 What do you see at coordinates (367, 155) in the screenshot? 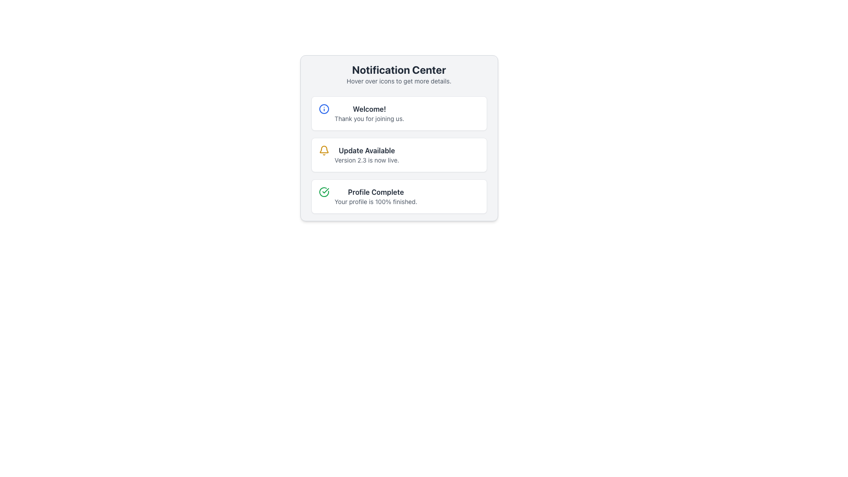
I see `the 'Update Available' notification text block, which features bold dark-grey text and a yellow bell icon, located in the middle of the notification panel` at bounding box center [367, 155].